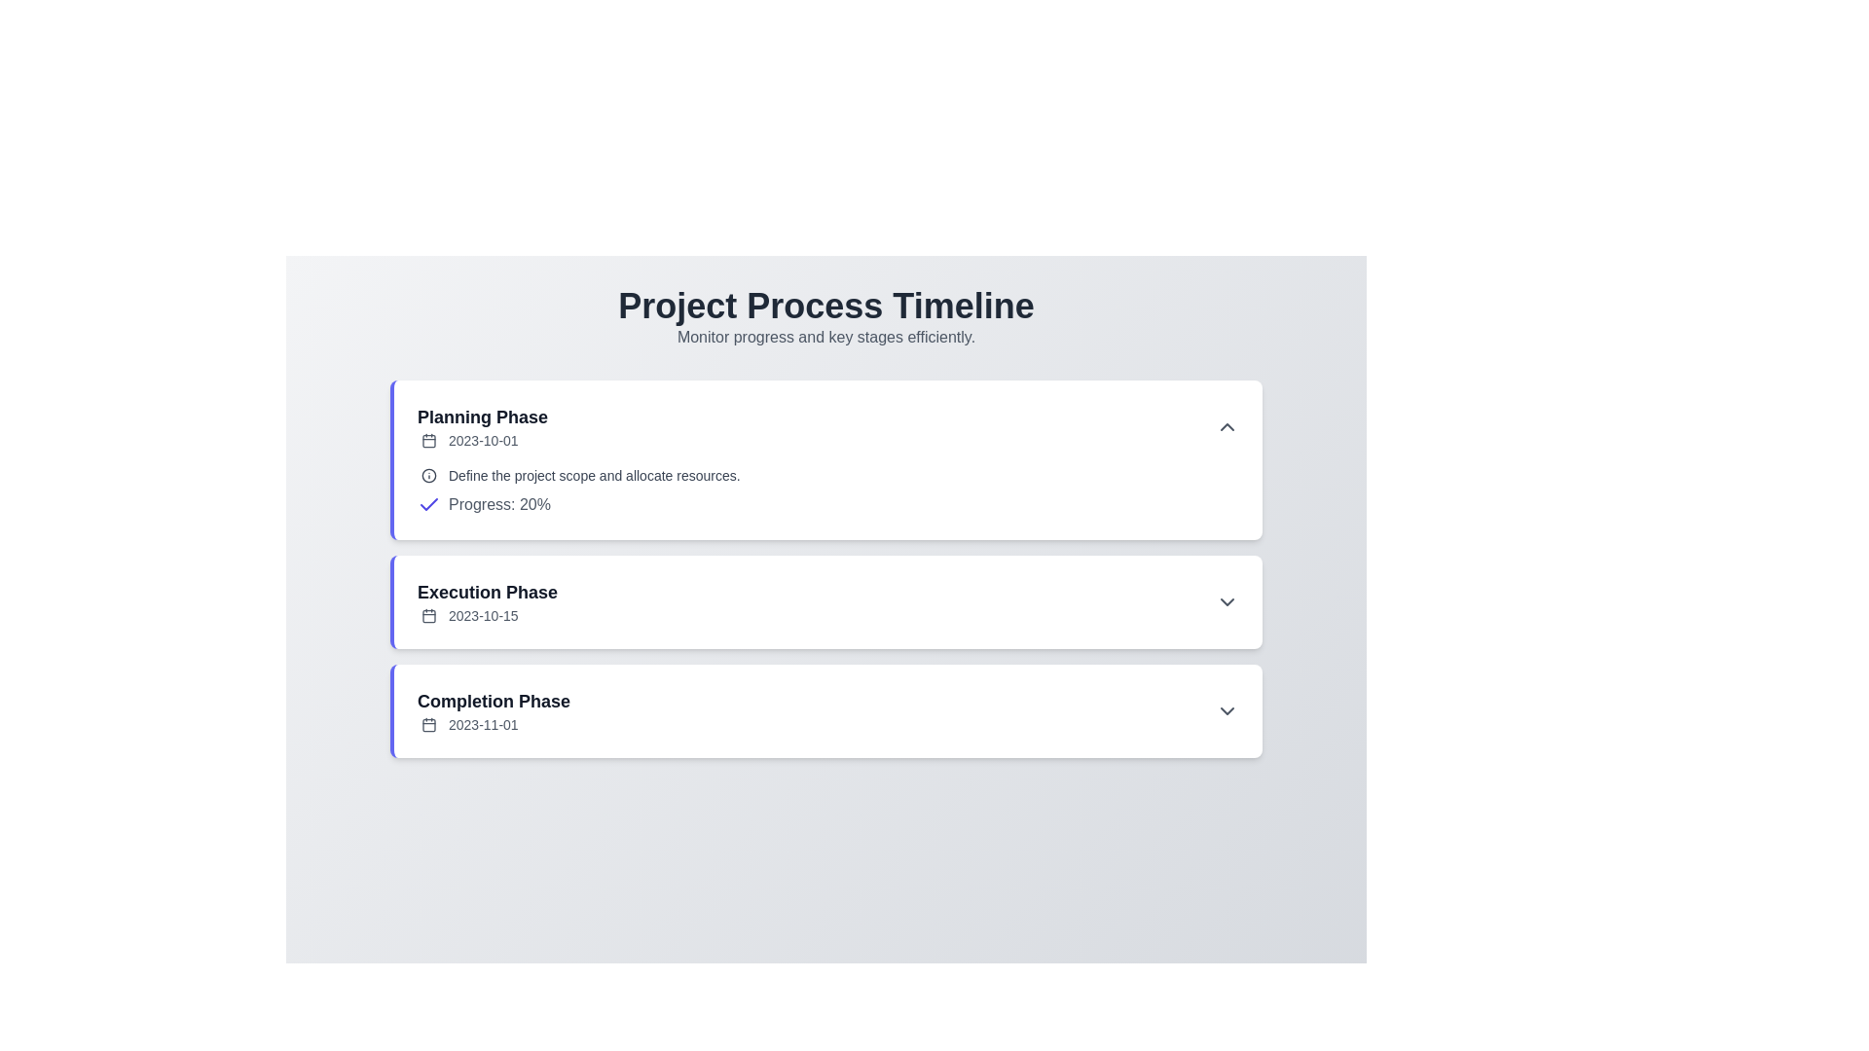 The image size is (1869, 1051). Describe the element at coordinates (428, 615) in the screenshot. I see `the main body of the calendar icon located within the 'Execution Phase' card` at that location.